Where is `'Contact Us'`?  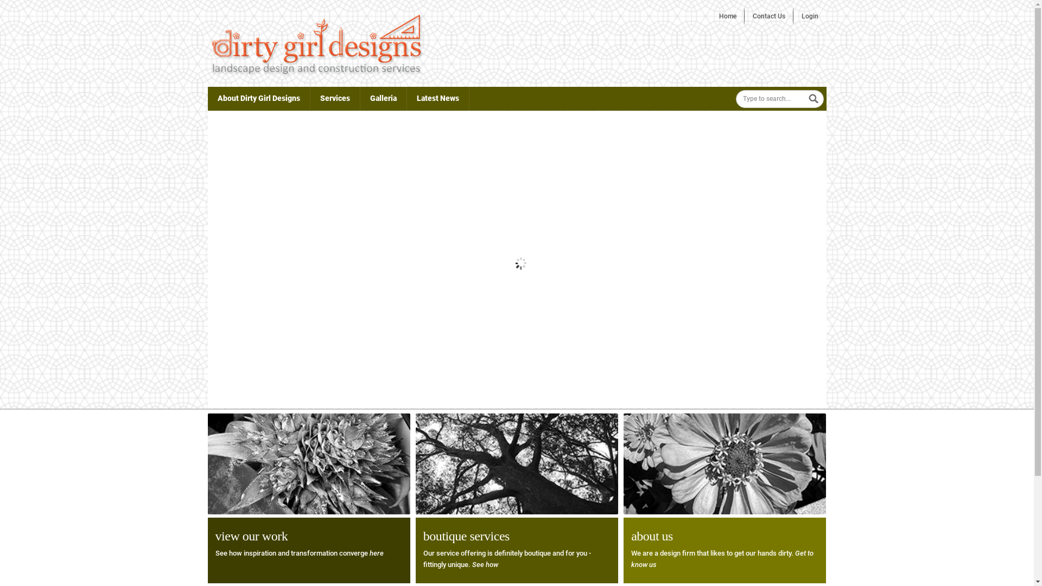
'Contact Us' is located at coordinates (768, 16).